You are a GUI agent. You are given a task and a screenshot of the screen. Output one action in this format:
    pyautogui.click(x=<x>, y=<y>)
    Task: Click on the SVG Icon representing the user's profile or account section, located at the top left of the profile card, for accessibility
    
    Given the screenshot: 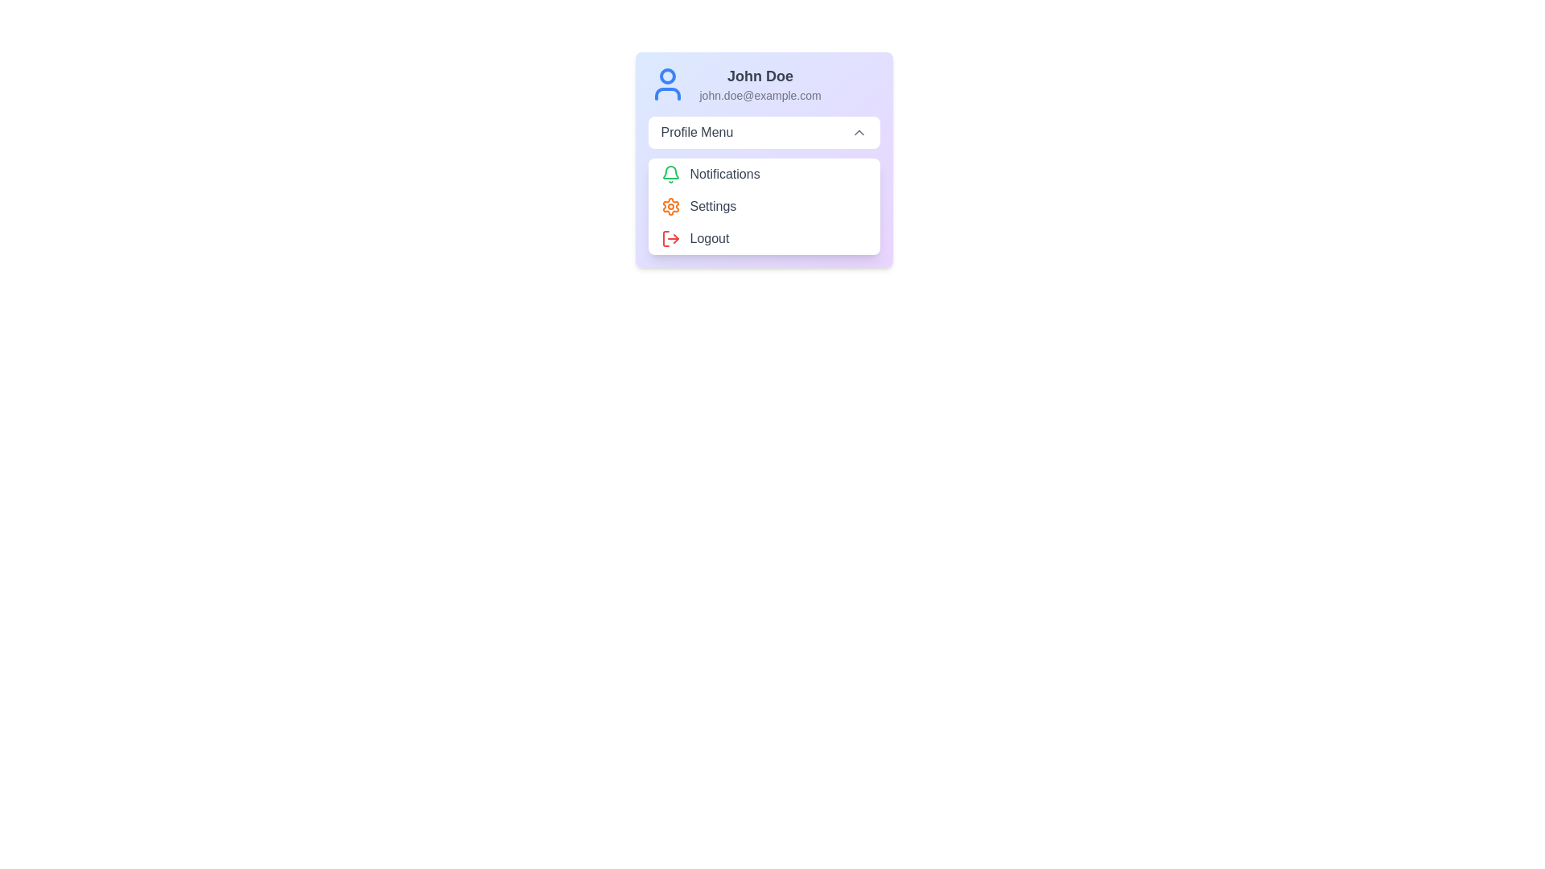 What is the action you would take?
    pyautogui.click(x=667, y=84)
    